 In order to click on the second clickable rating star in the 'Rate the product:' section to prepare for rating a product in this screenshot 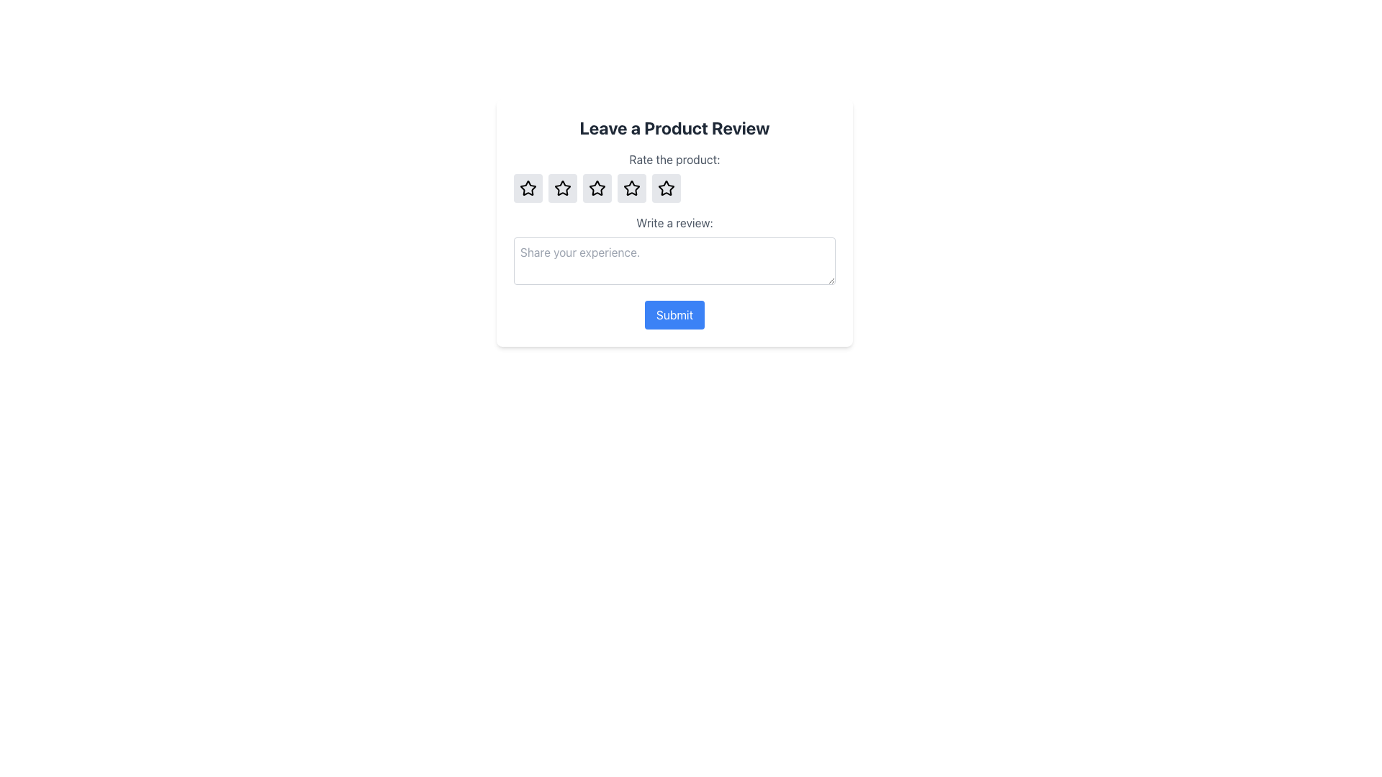, I will do `click(562, 188)`.